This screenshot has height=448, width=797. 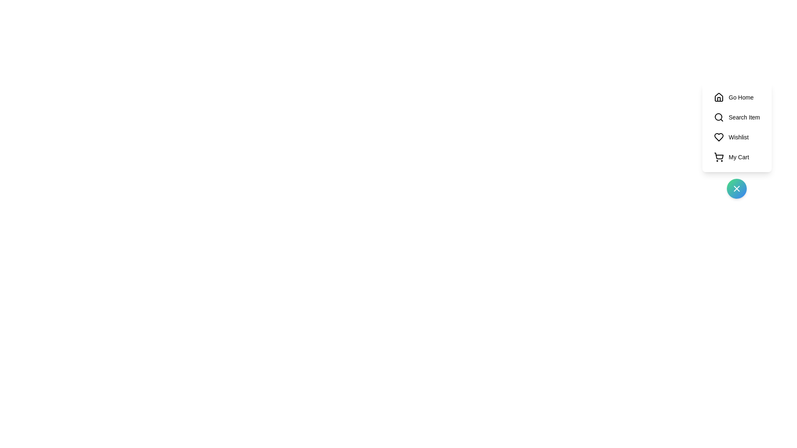 What do you see at coordinates (737, 97) in the screenshot?
I see `the 'Go Home' button` at bounding box center [737, 97].